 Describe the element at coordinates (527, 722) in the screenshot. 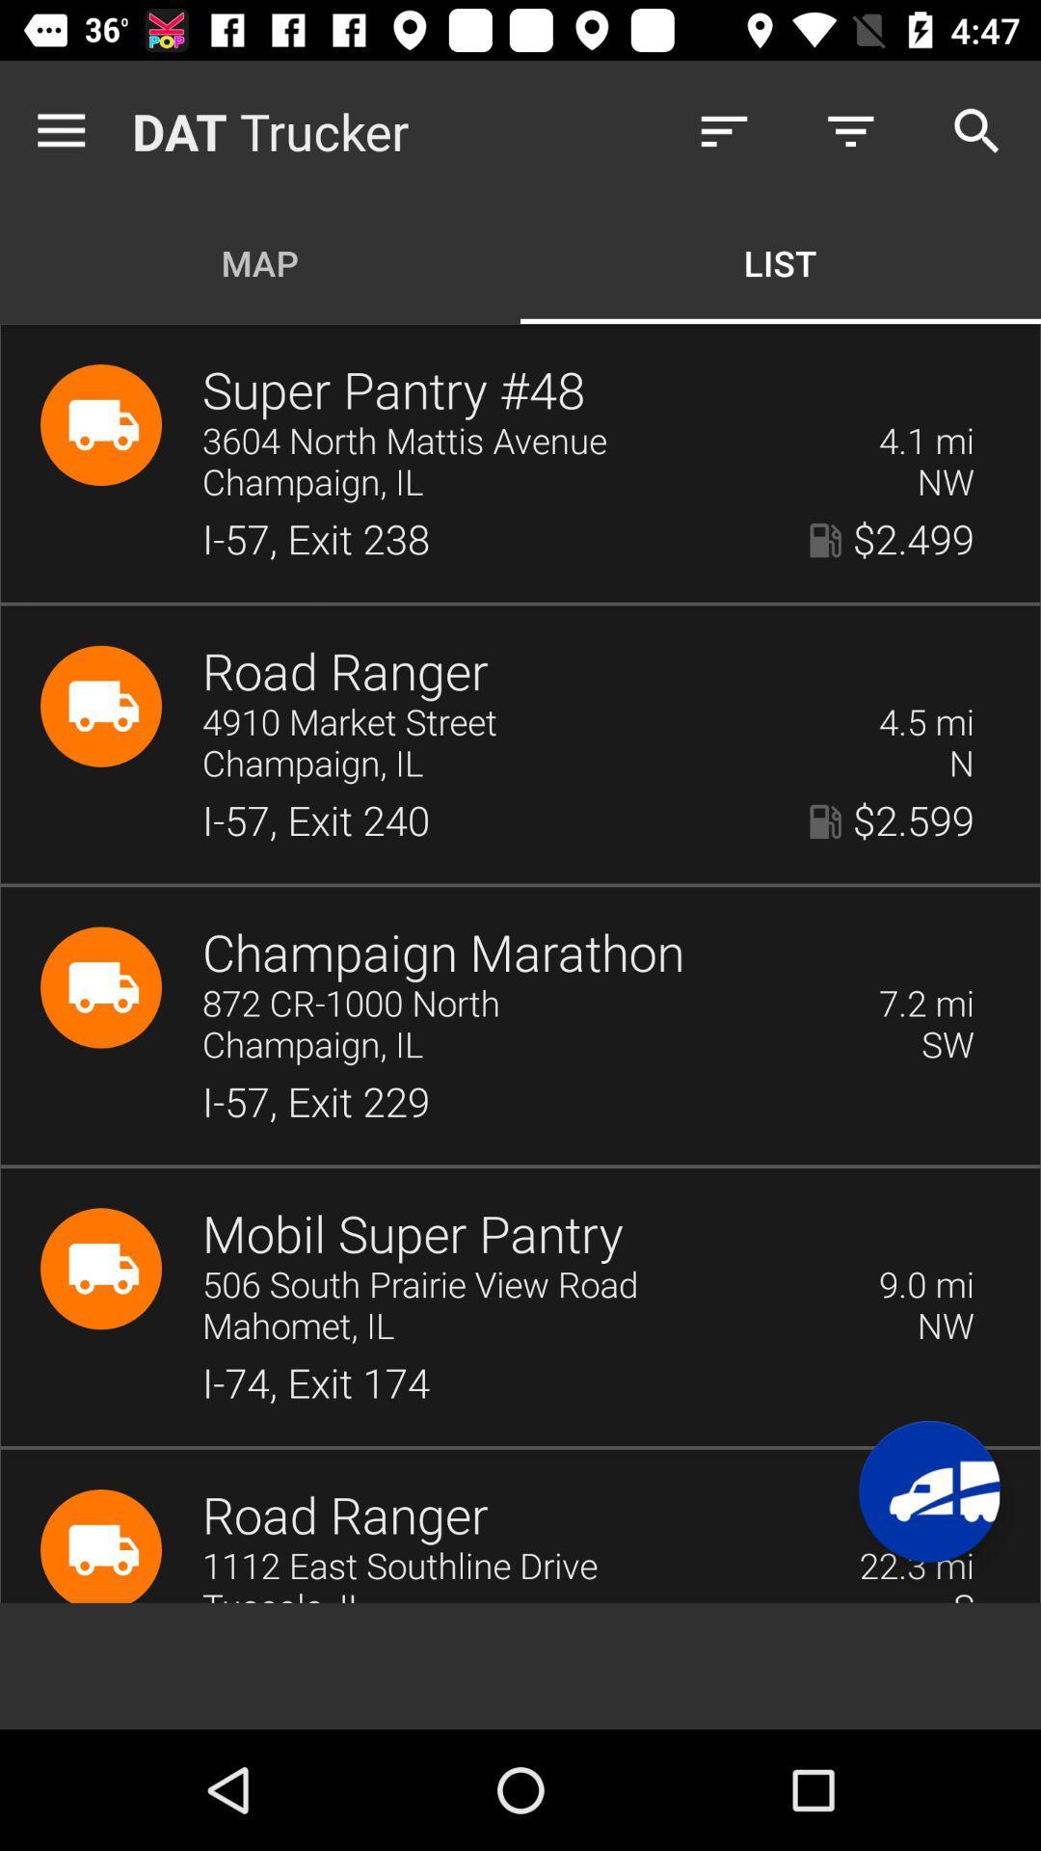

I see `icon below road ranger icon` at that location.